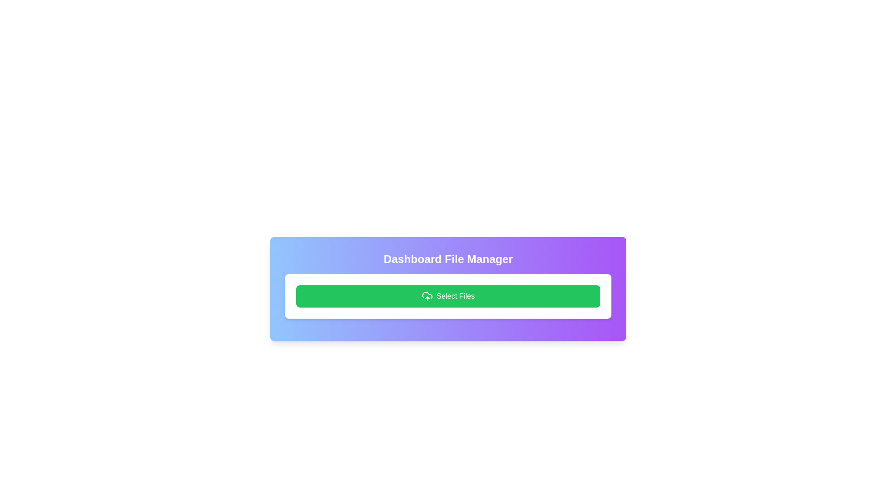 The image size is (890, 501). I want to click on the cloud upload icon with a green background located to the left of the 'Select Files' button, so click(426, 296).